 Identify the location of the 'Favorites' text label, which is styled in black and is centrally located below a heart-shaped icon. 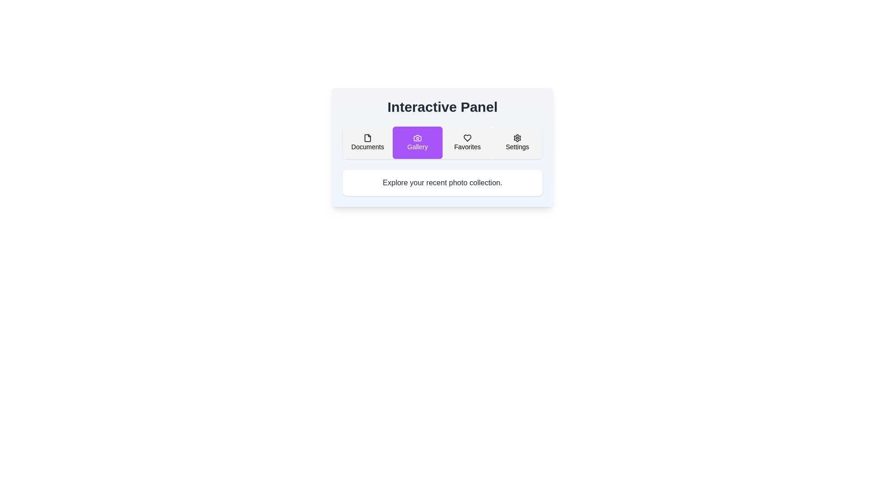
(468, 146).